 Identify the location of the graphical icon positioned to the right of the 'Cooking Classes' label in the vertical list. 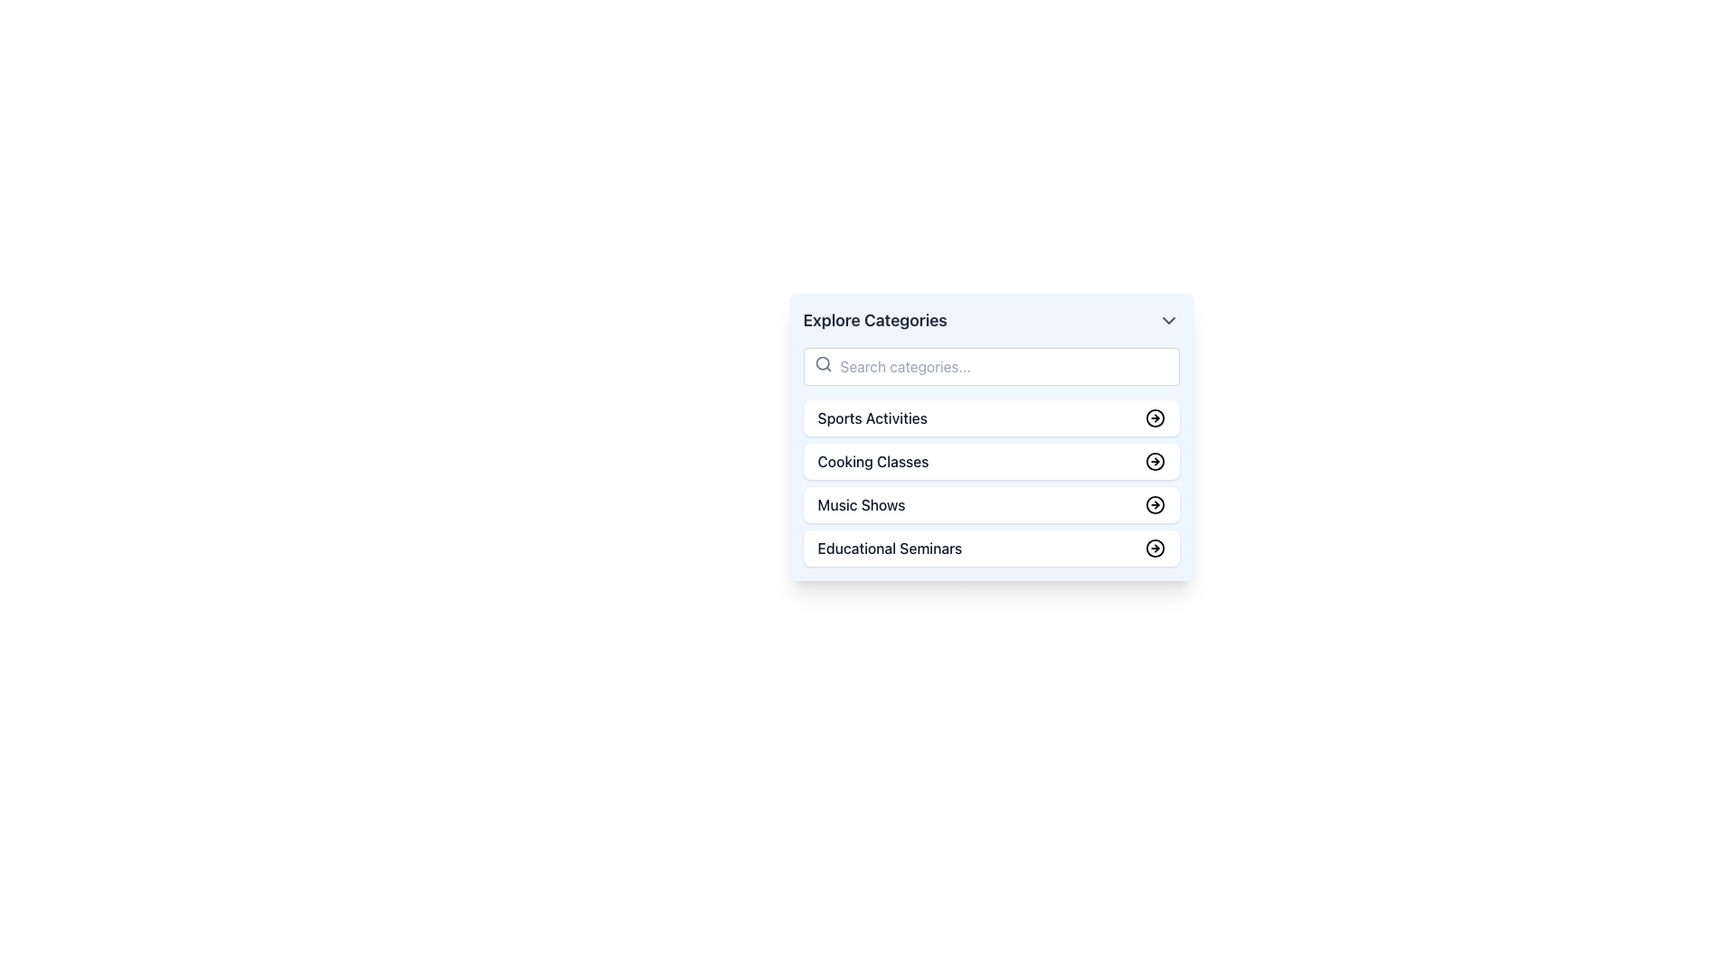
(1154, 460).